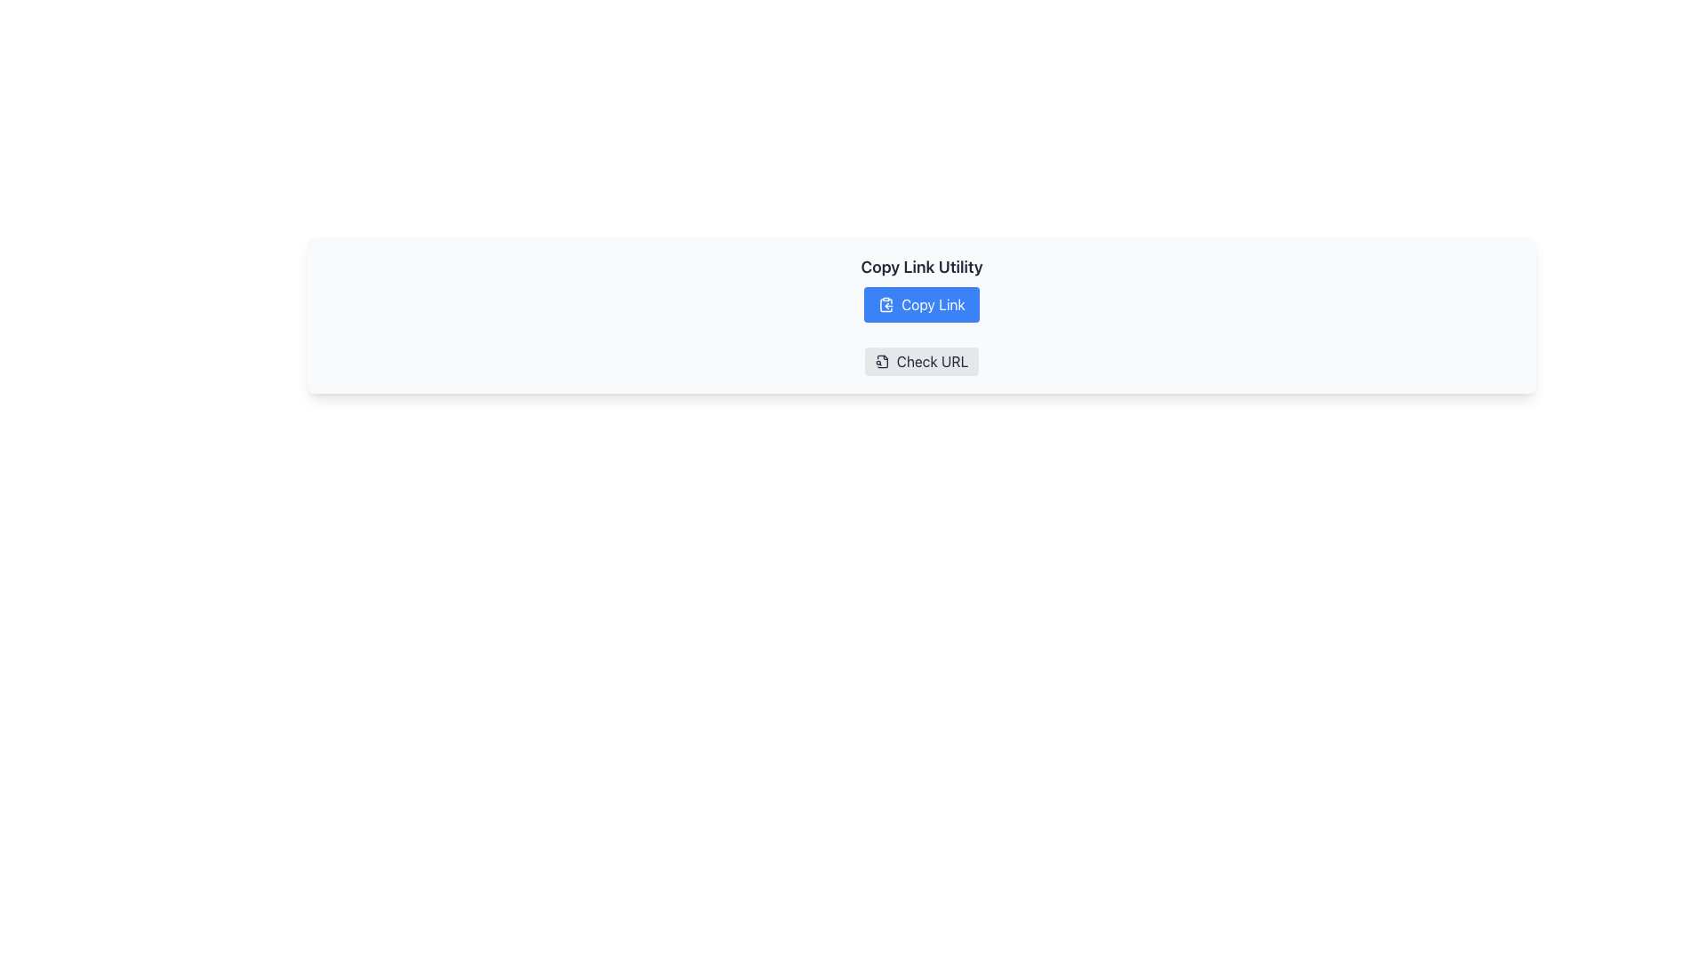  I want to click on the 'Check URL' button, which displays the text 'Check URL' with a file search icon, positioned below the 'Copy Link' button, so click(921, 361).